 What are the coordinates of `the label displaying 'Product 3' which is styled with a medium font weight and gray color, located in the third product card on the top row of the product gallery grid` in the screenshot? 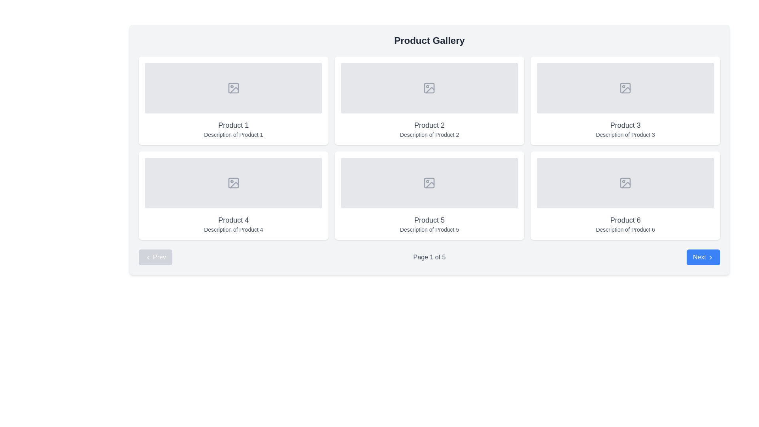 It's located at (625, 125).